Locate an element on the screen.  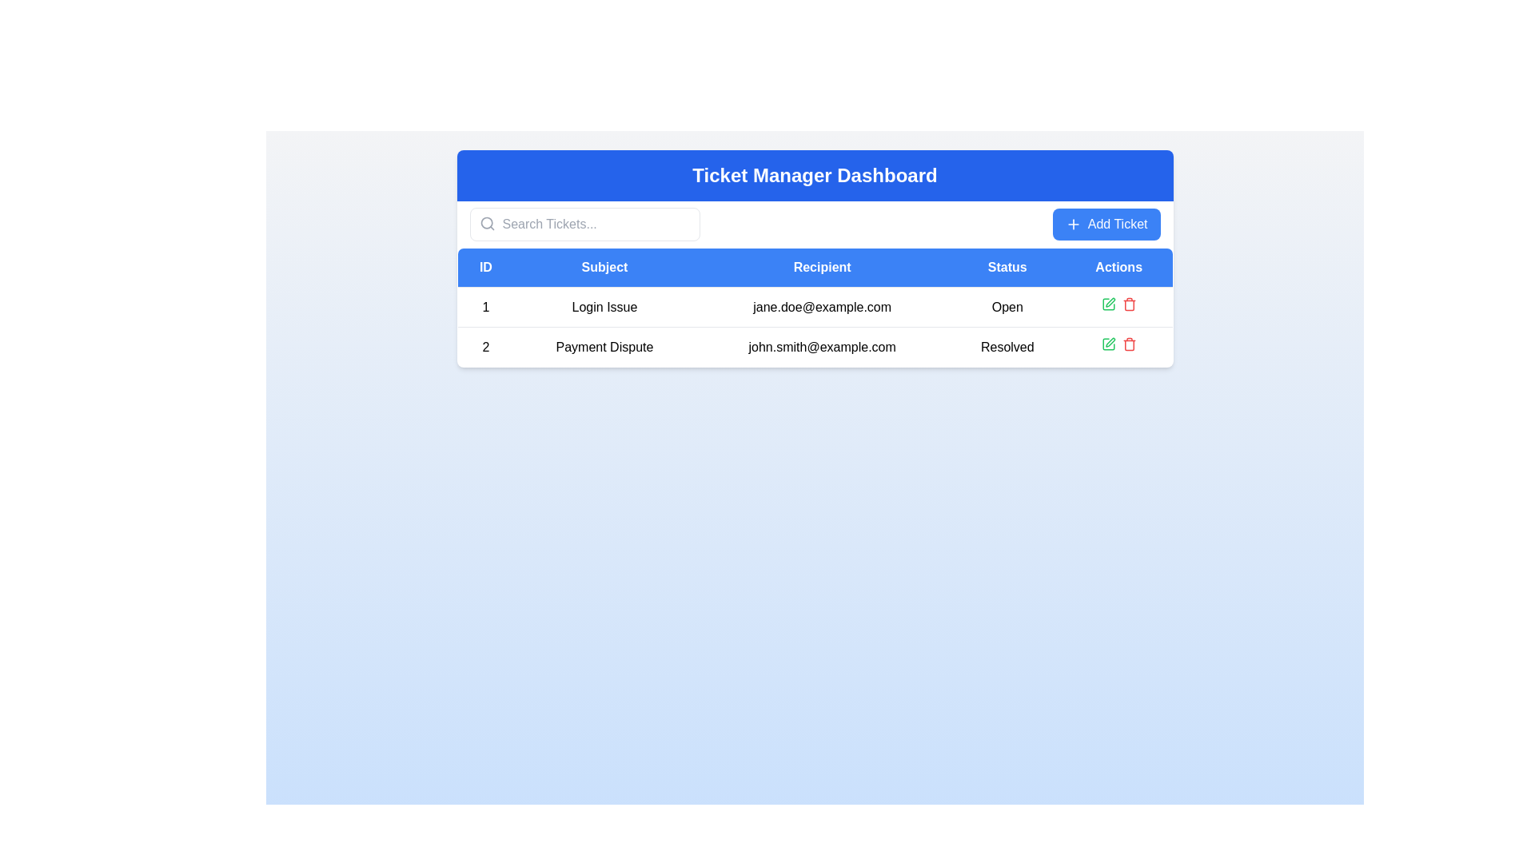
the 'Subject' table header which is the second item from the left in the header row, positioned between 'ID' and 'Recipient' is located at coordinates (604, 267).